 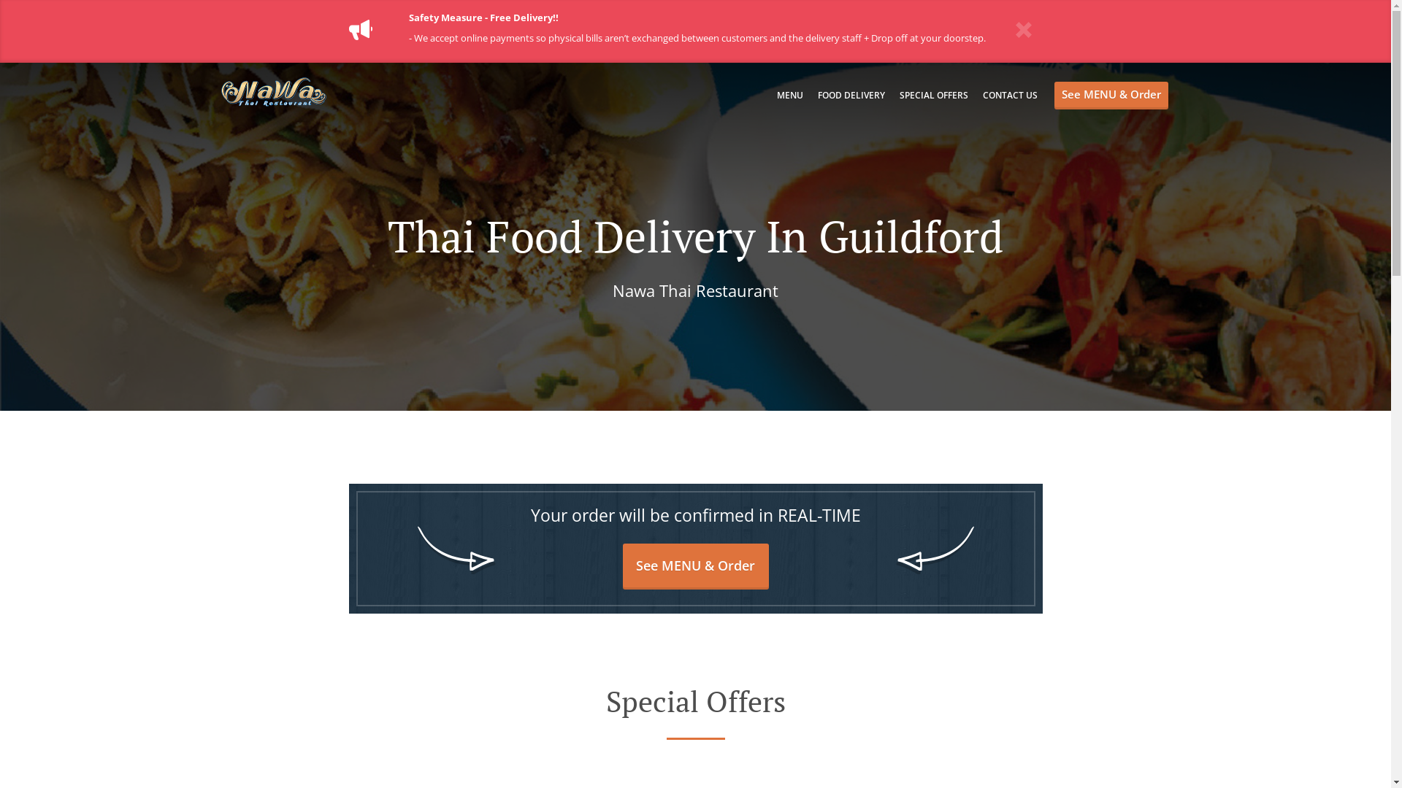 I want to click on 'MENU', so click(x=789, y=95).